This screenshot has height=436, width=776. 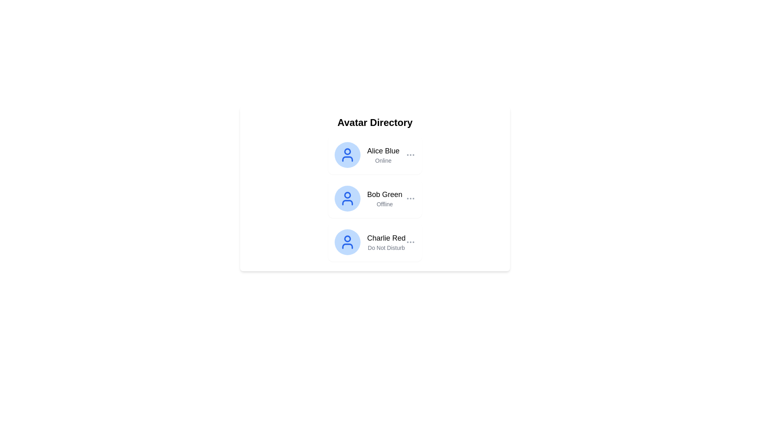 I want to click on on the text label identifying the name of an entity in the second position of the vertical list, located, so click(x=384, y=195).